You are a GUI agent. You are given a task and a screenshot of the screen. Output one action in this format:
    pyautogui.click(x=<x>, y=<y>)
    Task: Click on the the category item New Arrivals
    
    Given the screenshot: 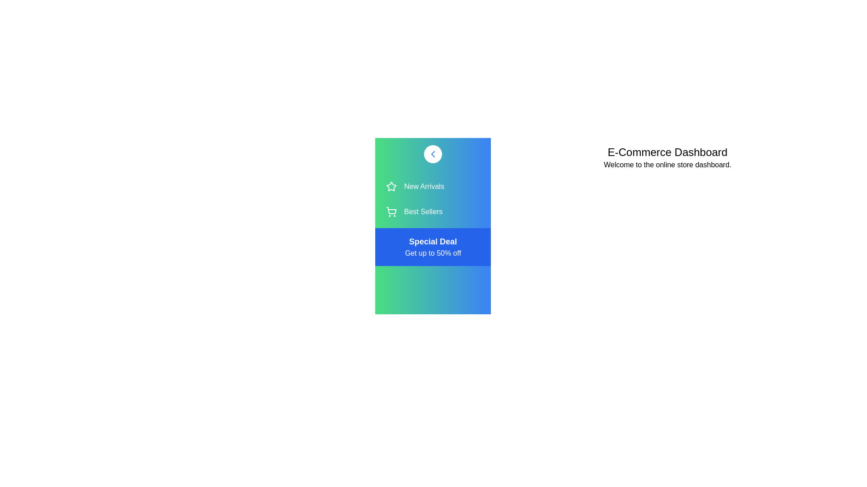 What is the action you would take?
    pyautogui.click(x=433, y=186)
    